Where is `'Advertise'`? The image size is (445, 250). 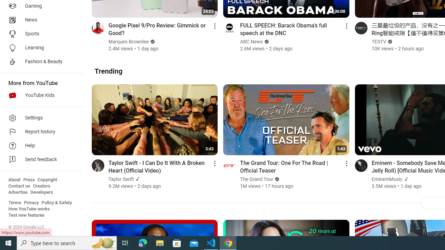
'Advertise' is located at coordinates (18, 192).